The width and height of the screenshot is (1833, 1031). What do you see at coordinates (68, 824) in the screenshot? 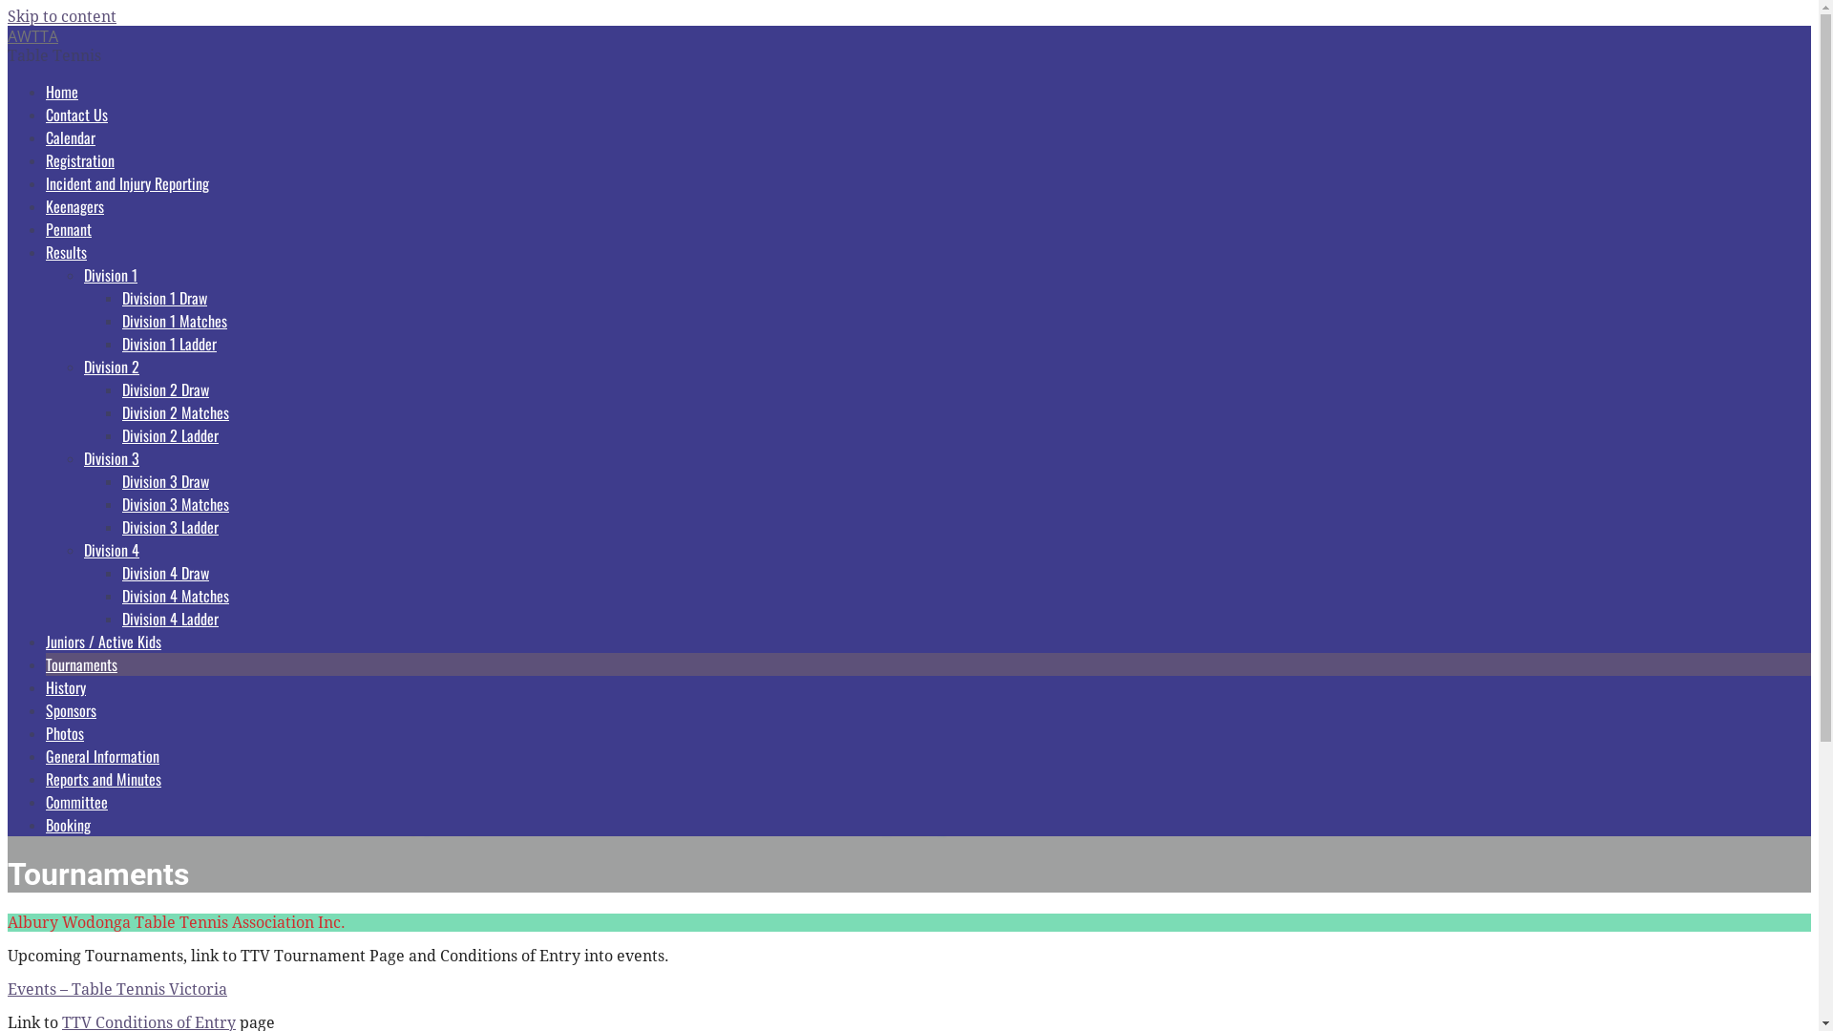
I see `'Booking'` at bounding box center [68, 824].